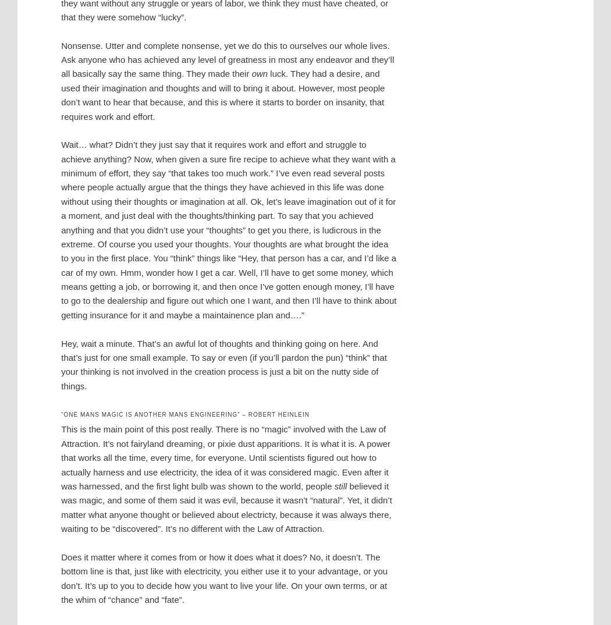  What do you see at coordinates (259, 73) in the screenshot?
I see `'own'` at bounding box center [259, 73].